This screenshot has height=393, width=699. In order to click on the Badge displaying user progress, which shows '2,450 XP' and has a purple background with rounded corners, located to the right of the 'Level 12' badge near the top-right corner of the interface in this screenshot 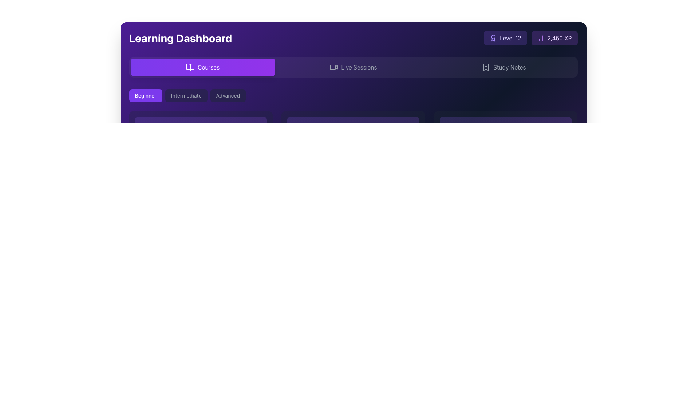, I will do `click(554, 38)`.